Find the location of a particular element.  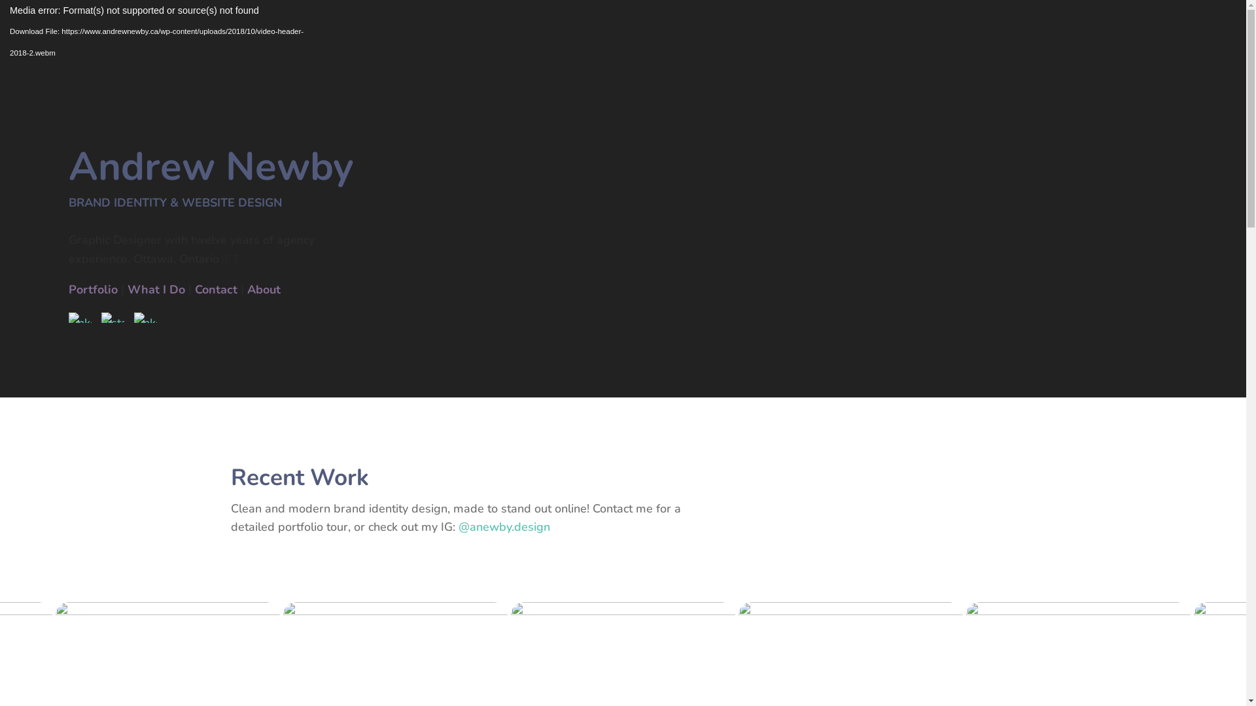

'@anewby.design' is located at coordinates (502, 526).